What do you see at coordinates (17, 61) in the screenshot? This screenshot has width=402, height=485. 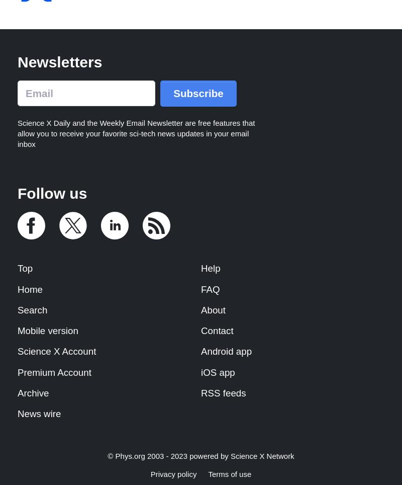 I see `'Newsletters'` at bounding box center [17, 61].